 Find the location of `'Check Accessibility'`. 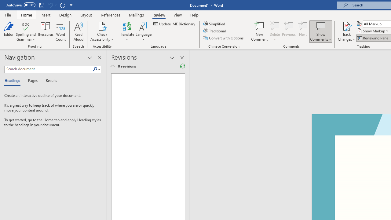

'Check Accessibility' is located at coordinates (102, 31).